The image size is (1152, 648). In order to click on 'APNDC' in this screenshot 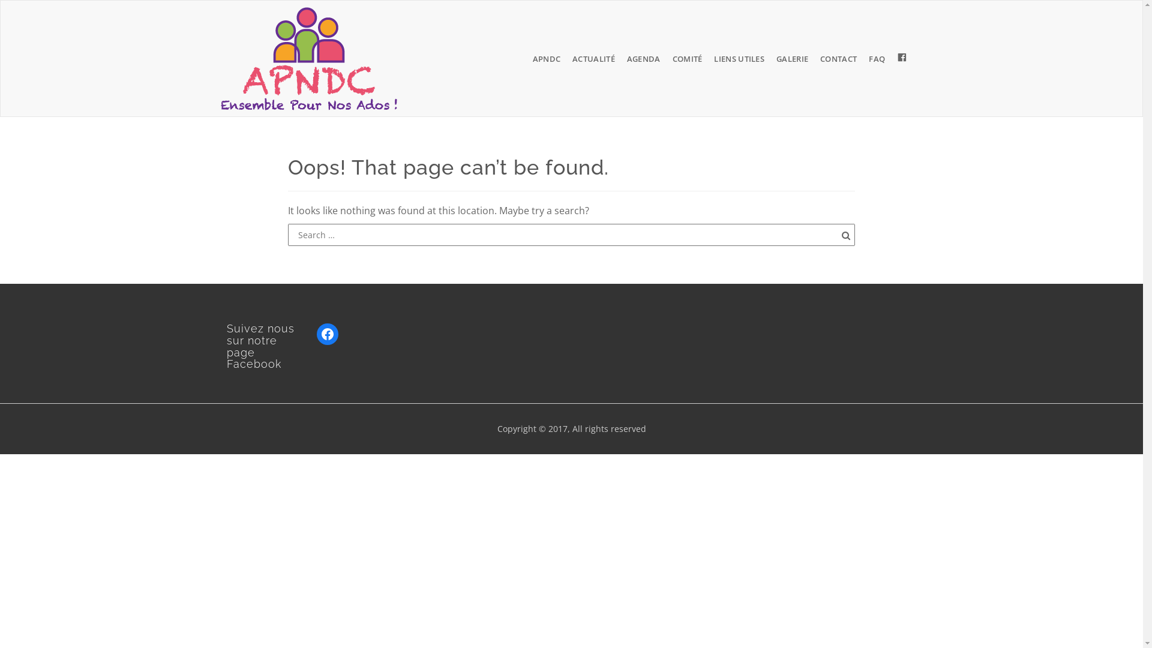, I will do `click(546, 58)`.